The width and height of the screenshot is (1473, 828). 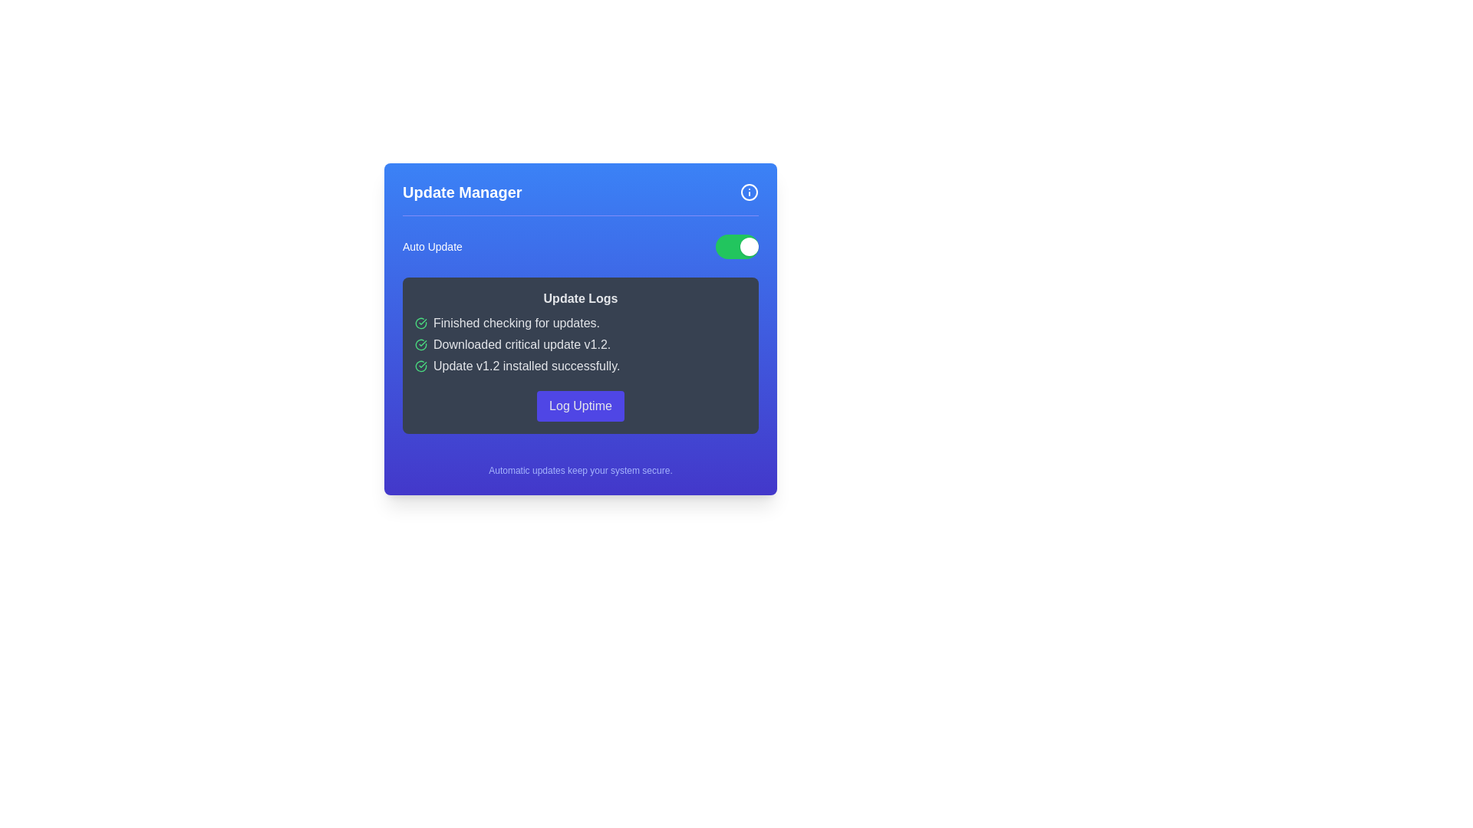 What do you see at coordinates (580, 245) in the screenshot?
I see `the toggle switch within the 'Update Manager' card to change its state for the auto-update functionality` at bounding box center [580, 245].